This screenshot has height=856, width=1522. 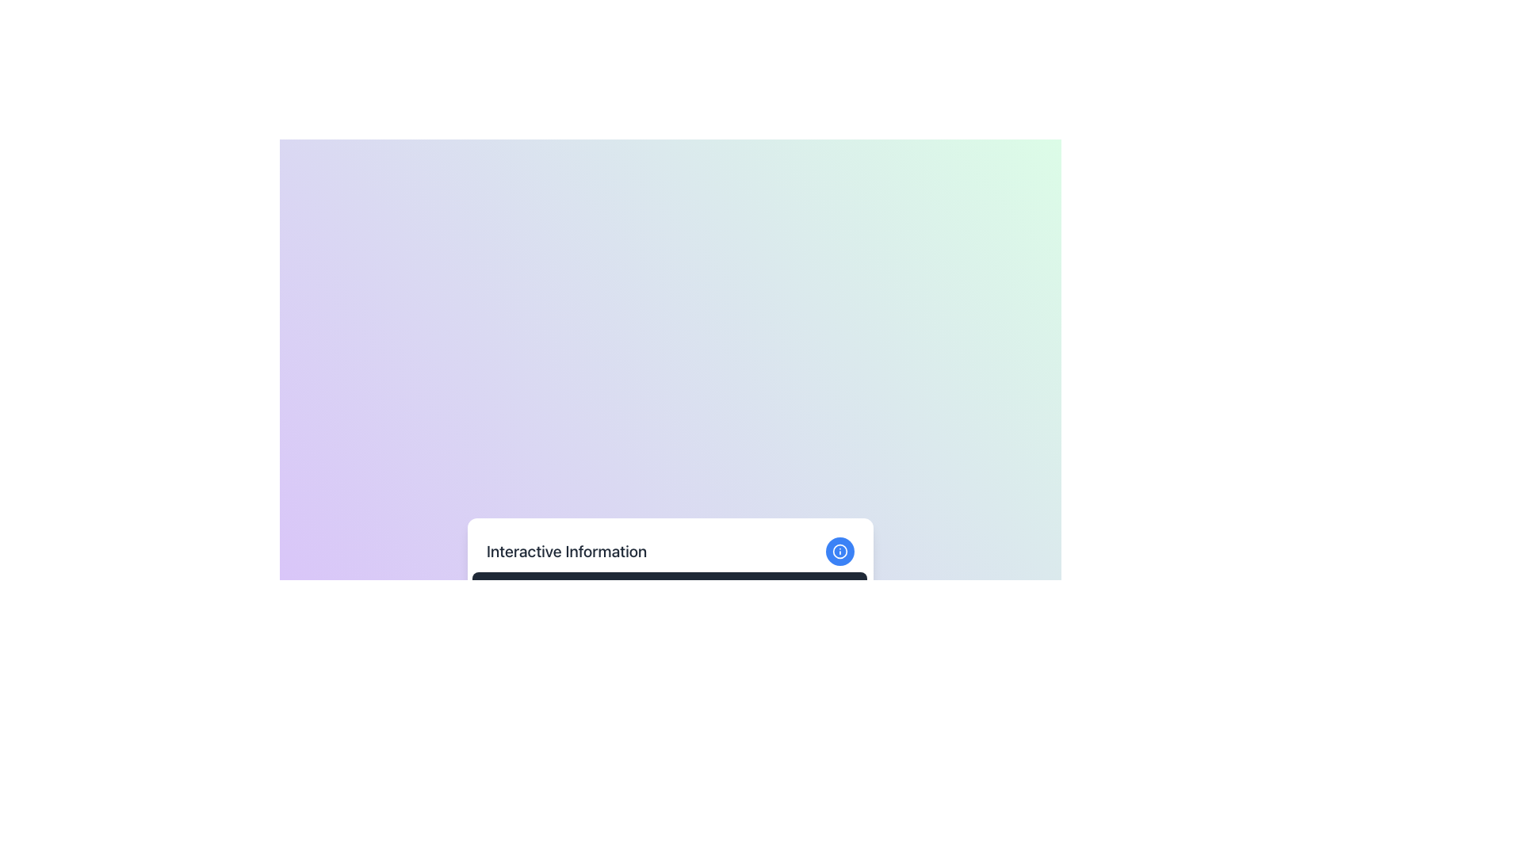 What do you see at coordinates (839, 550) in the screenshot?
I see `the Interactive Icon located on the right side of the 'Interactive Information' button` at bounding box center [839, 550].